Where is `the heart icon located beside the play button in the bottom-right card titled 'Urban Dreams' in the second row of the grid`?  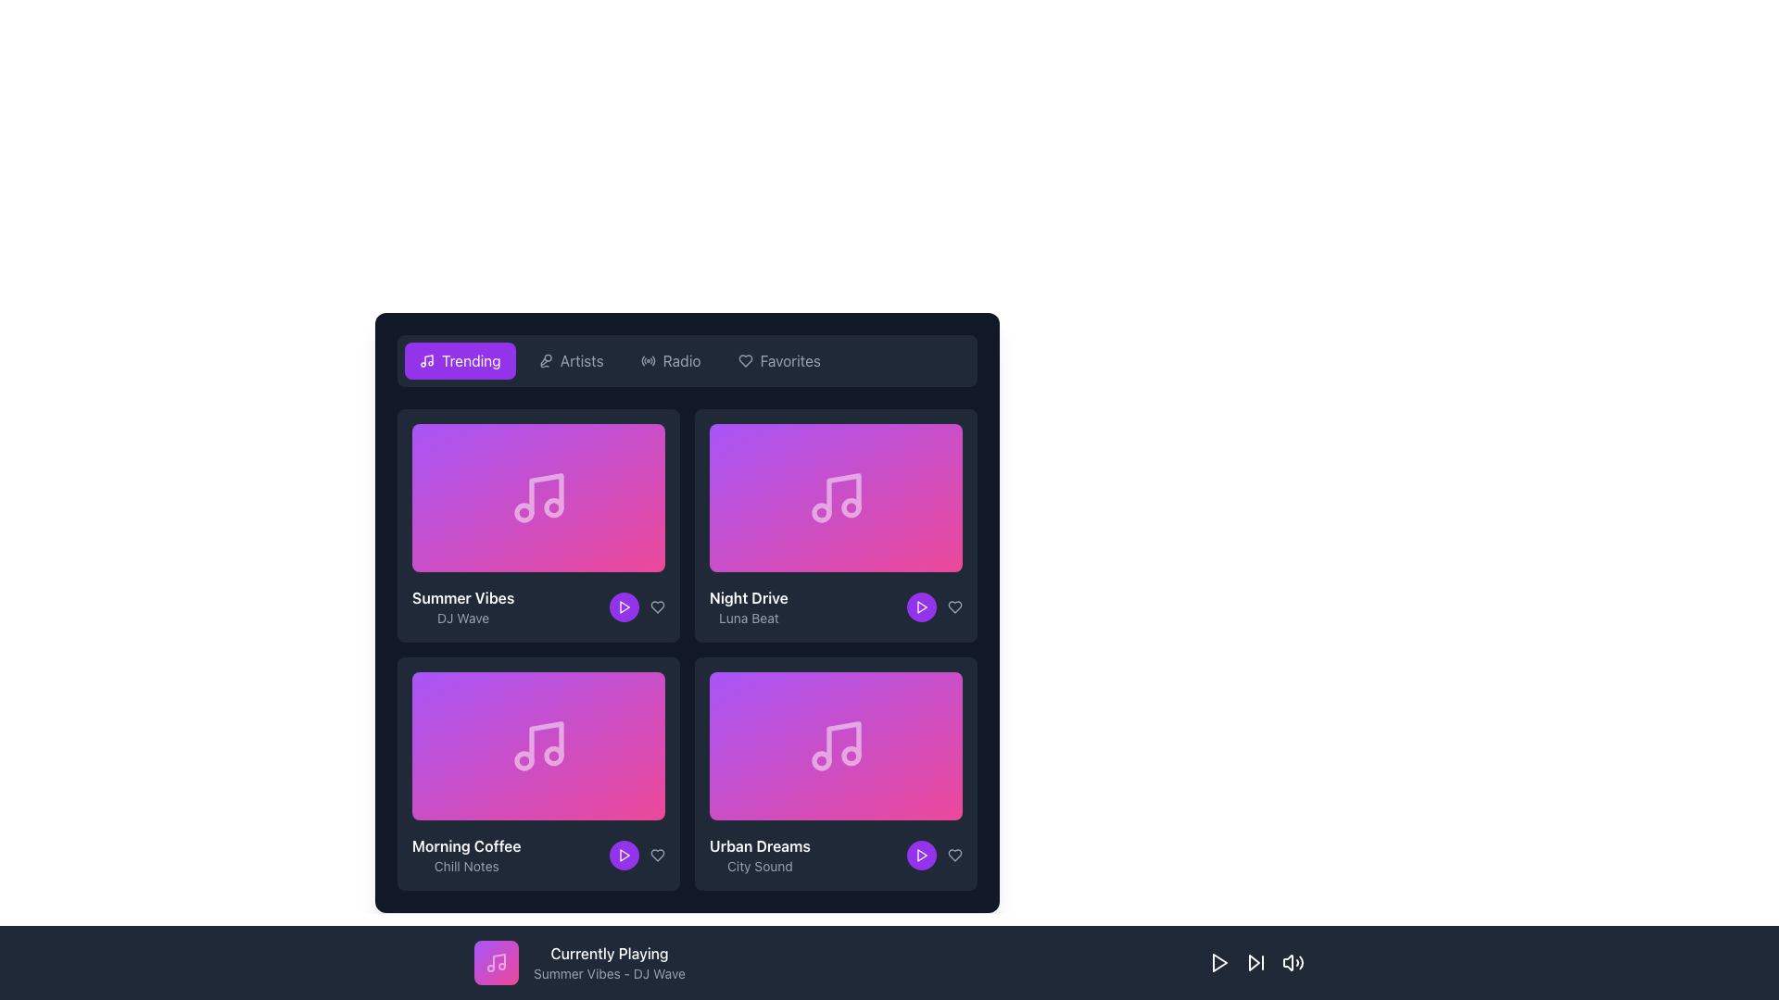 the heart icon located beside the play button in the bottom-right card titled 'Urban Dreams' in the second row of the grid is located at coordinates (955, 856).